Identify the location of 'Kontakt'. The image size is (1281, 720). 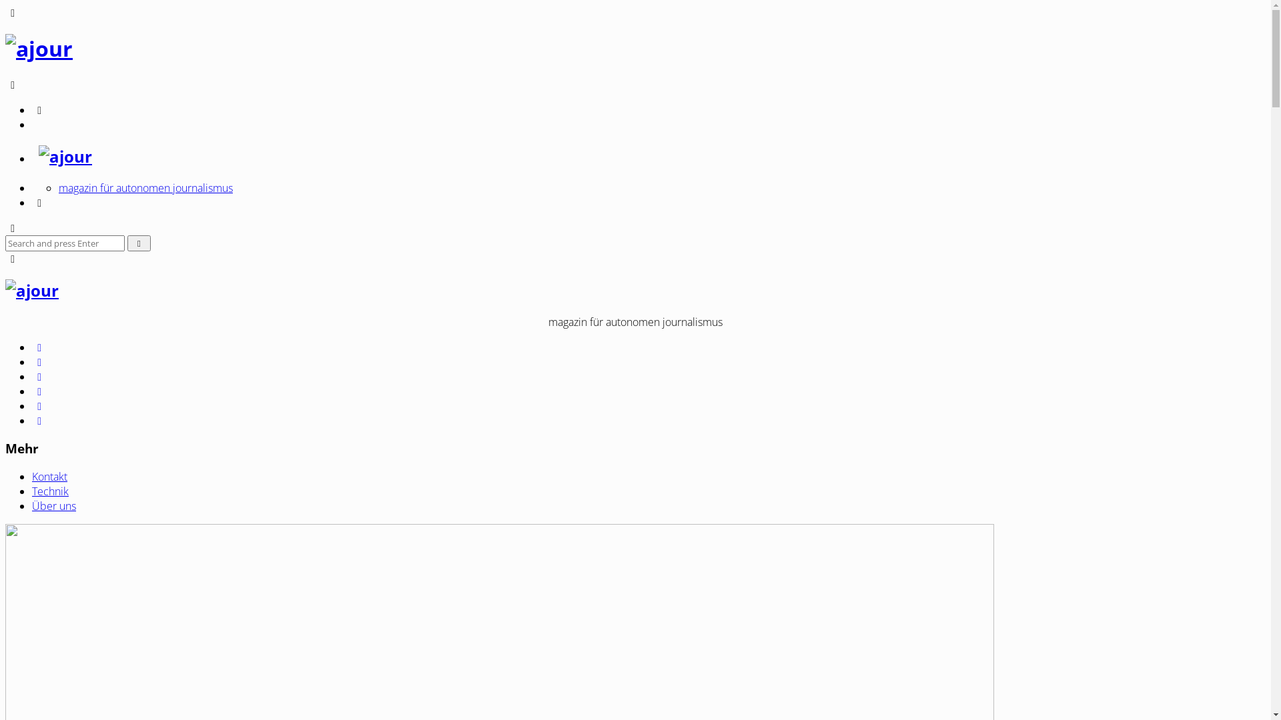
(49, 475).